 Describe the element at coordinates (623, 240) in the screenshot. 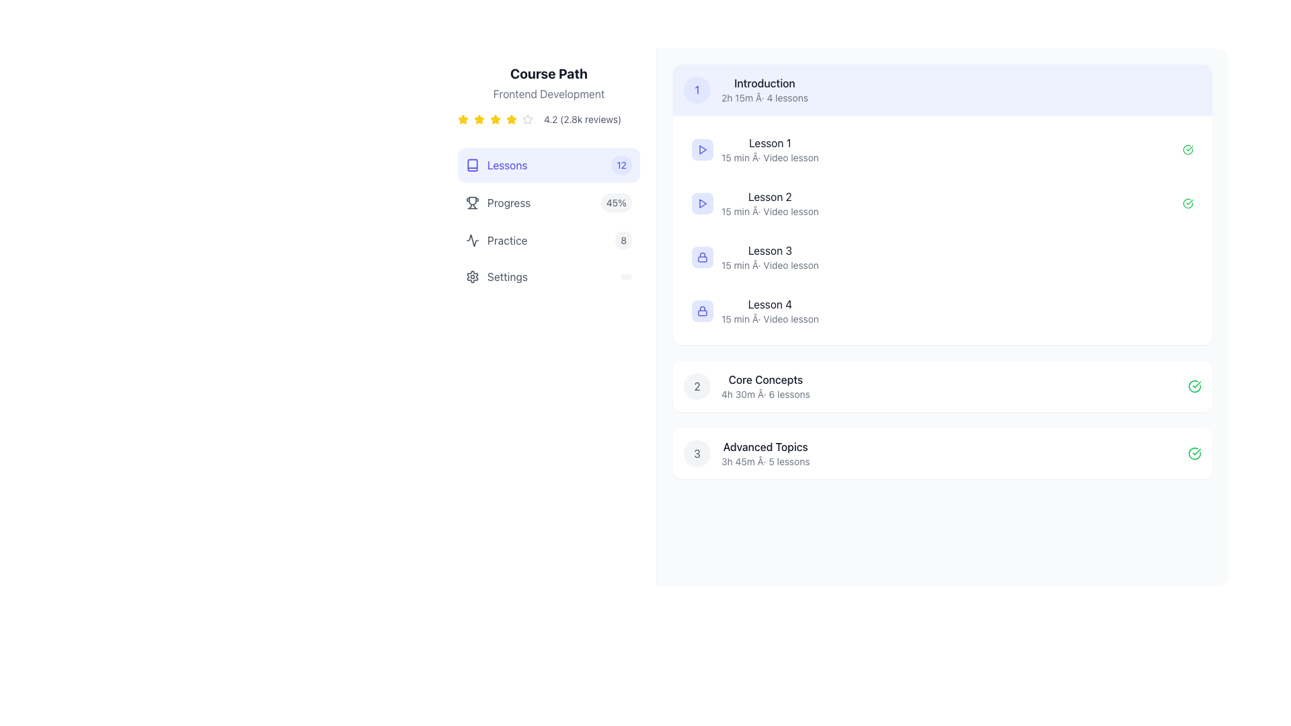

I see `the badge or counter representing the numerical value associated with the 'Practice' feature` at that location.